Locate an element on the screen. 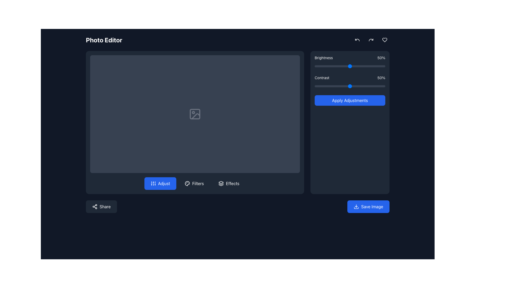 The height and width of the screenshot is (284, 506). the 'Adjust' text label within the blue background button to trigger the hover effect is located at coordinates (164, 183).